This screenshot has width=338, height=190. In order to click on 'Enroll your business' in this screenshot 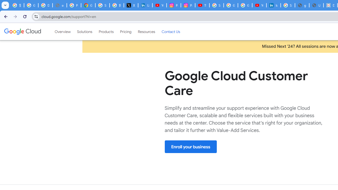, I will do `click(190, 147)`.